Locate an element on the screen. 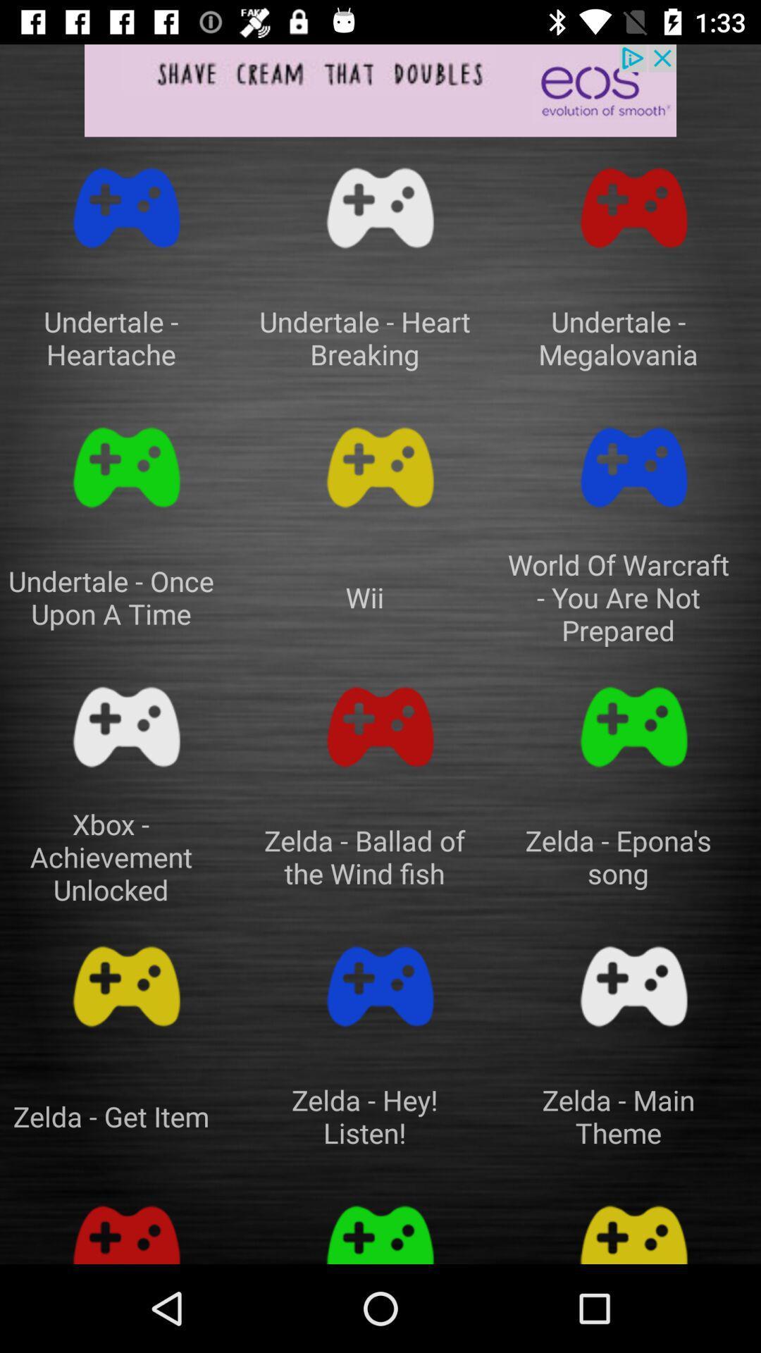 This screenshot has width=761, height=1353. go back is located at coordinates (380, 1226).